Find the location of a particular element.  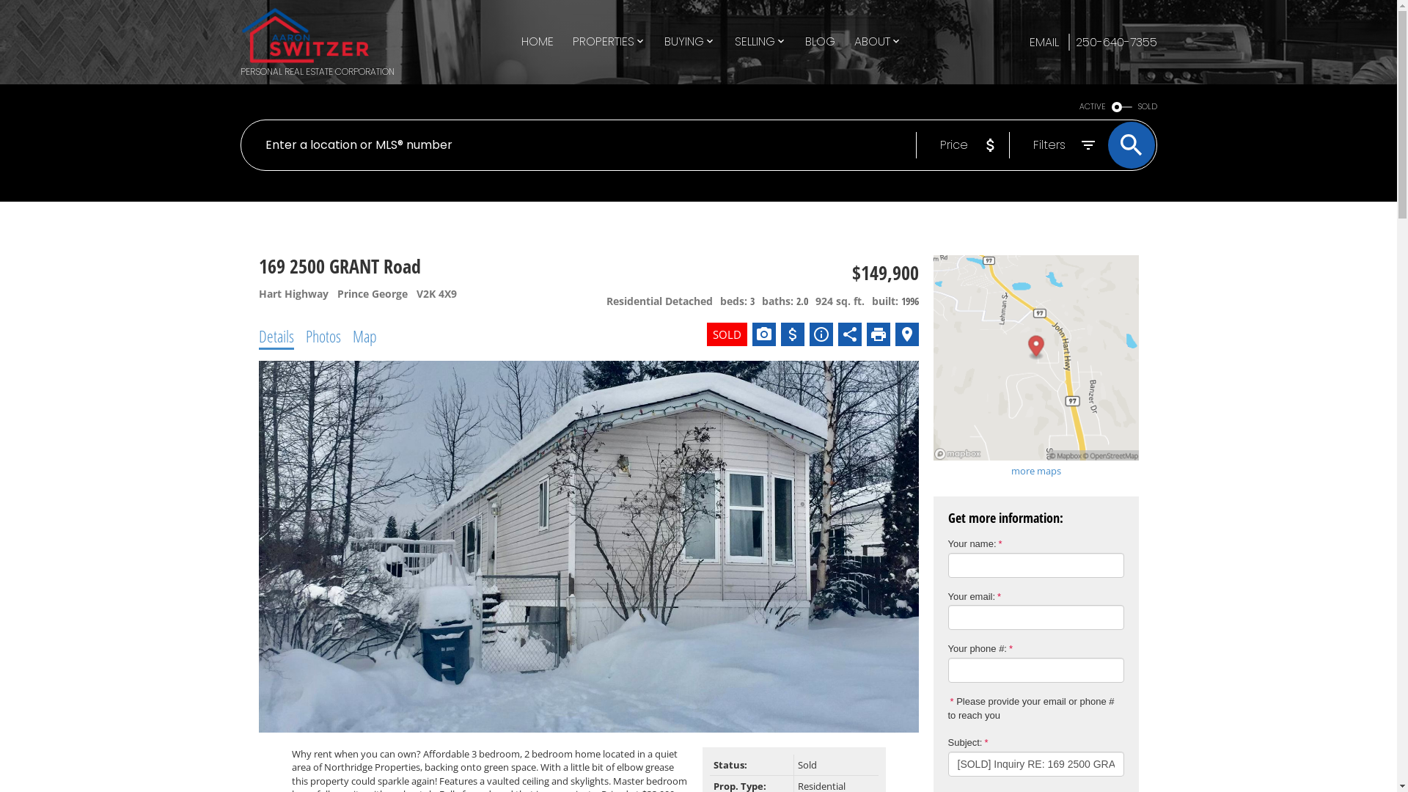

'more maps' is located at coordinates (1034, 470).